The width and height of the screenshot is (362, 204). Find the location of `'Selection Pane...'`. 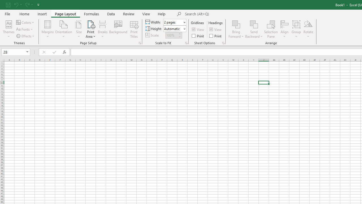

'Selection Pane...' is located at coordinates (271, 29).